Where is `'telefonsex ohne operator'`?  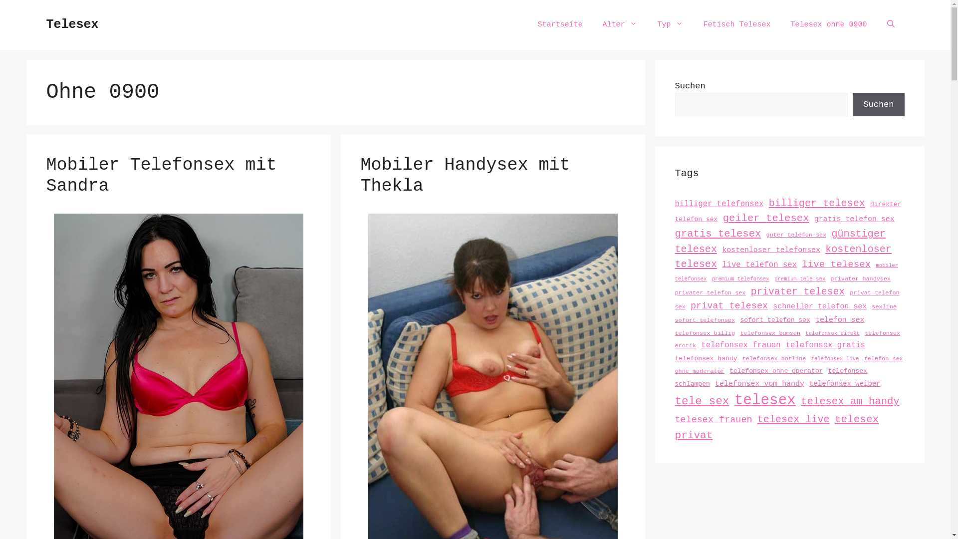 'telefonsex ohne operator' is located at coordinates (775, 371).